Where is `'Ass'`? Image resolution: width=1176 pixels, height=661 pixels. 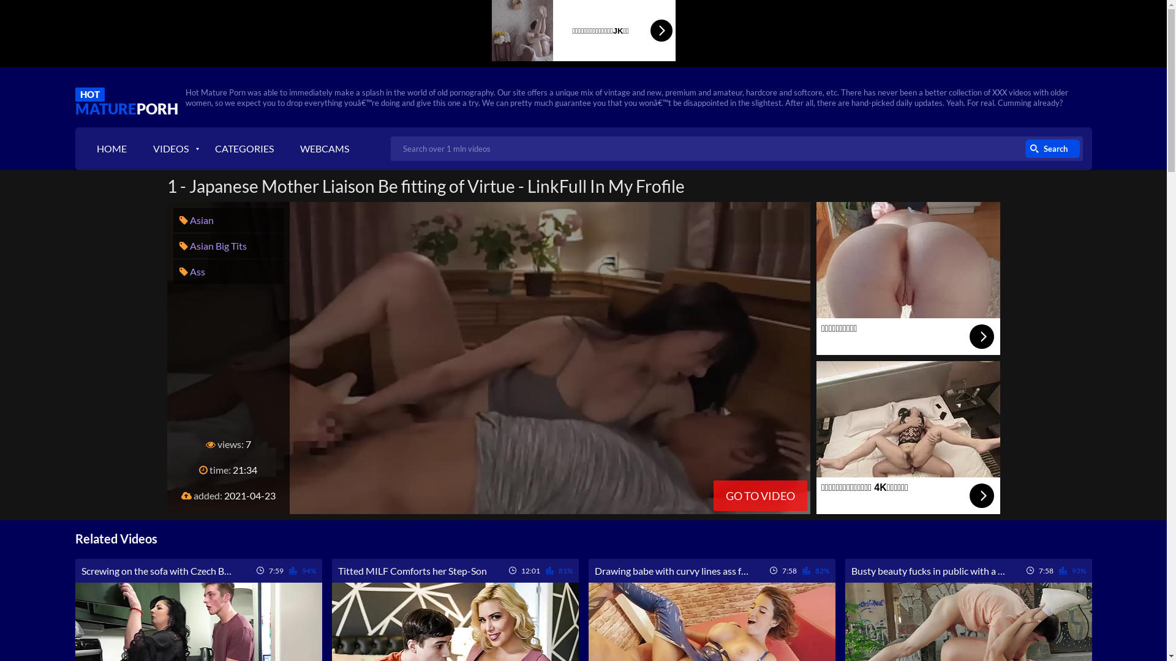
'Ass' is located at coordinates (190, 271).